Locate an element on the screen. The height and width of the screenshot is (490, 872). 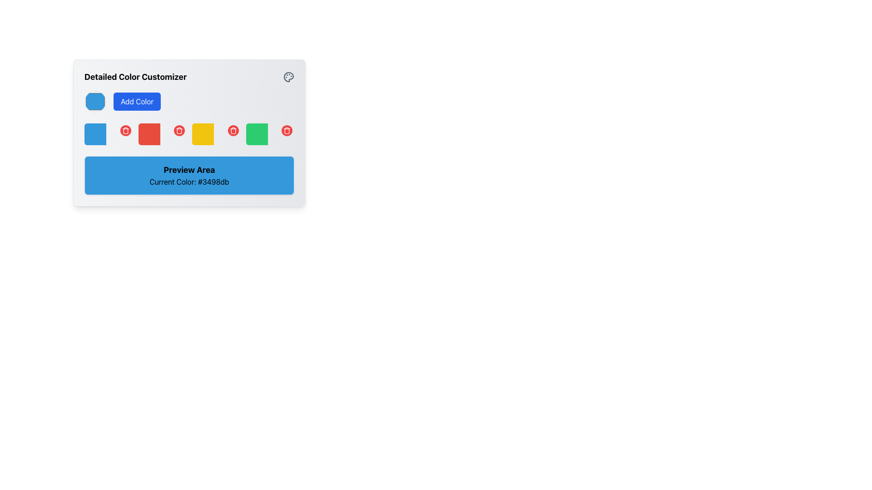
the rightmost green square with rounded corners is located at coordinates (256, 134).